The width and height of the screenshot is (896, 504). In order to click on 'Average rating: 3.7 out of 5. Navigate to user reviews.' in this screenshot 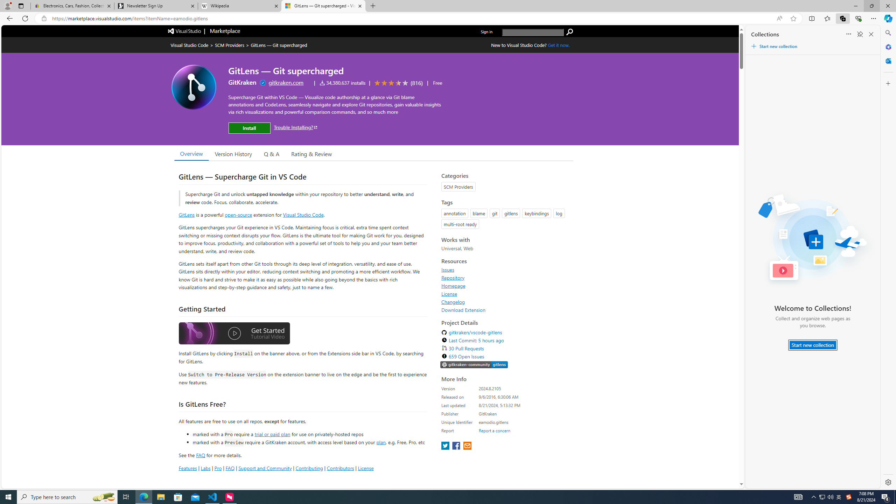, I will do `click(397, 83)`.